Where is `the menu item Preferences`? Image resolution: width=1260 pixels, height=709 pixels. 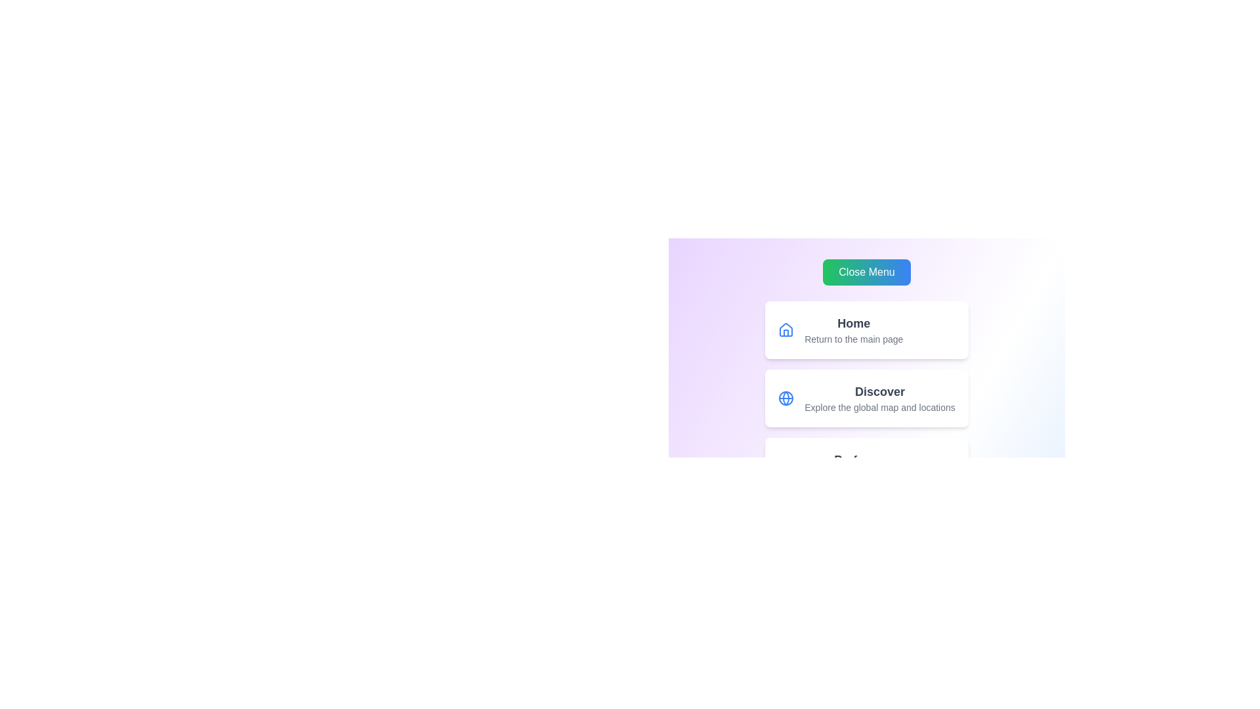 the menu item Preferences is located at coordinates (866, 465).